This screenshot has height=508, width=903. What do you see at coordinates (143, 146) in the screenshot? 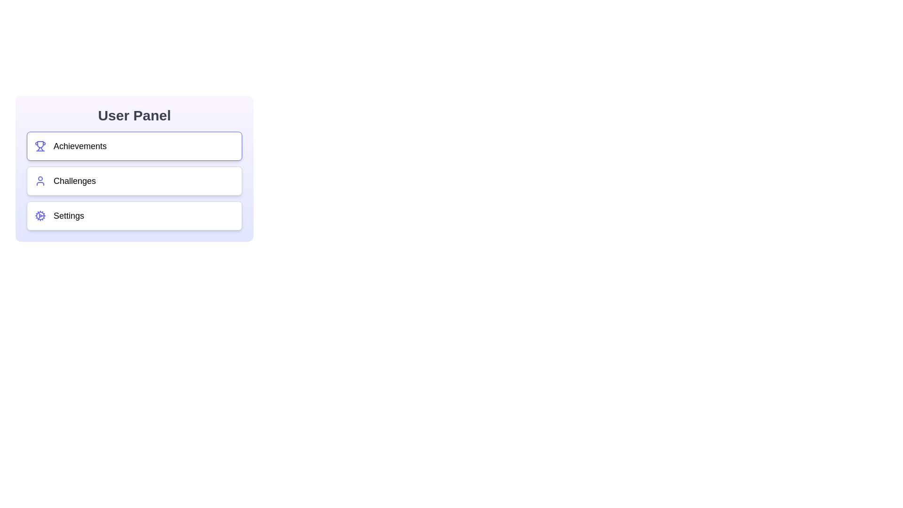
I see `the button corresponding to the section Achievements to activate it` at bounding box center [143, 146].